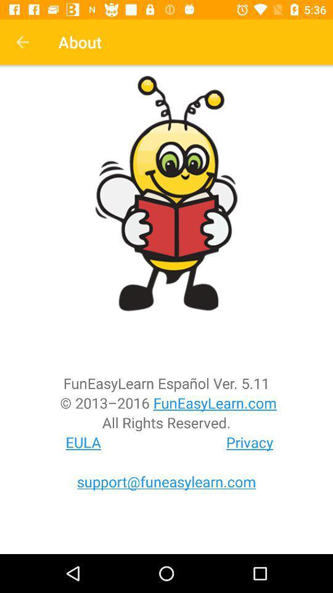  What do you see at coordinates (83, 442) in the screenshot?
I see `the item at the bottom left corner` at bounding box center [83, 442].